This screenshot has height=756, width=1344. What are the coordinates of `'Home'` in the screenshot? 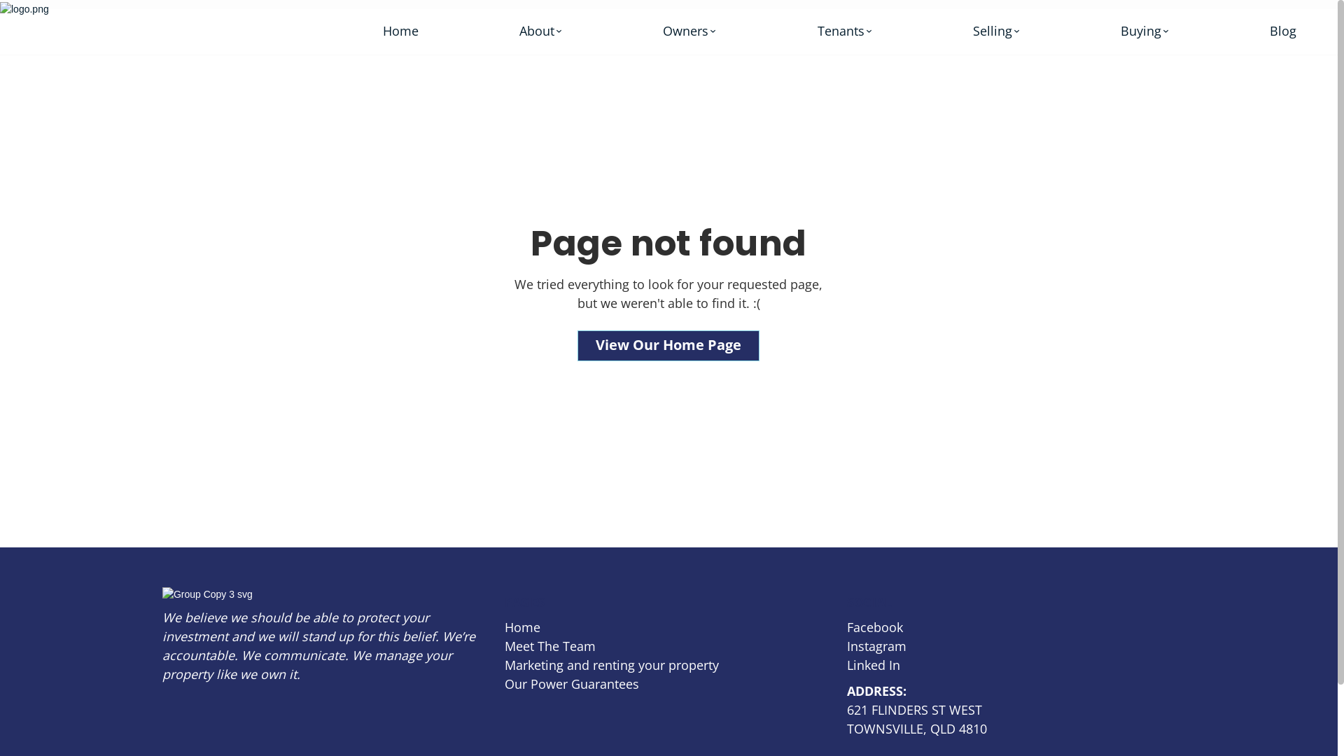 It's located at (521, 626).